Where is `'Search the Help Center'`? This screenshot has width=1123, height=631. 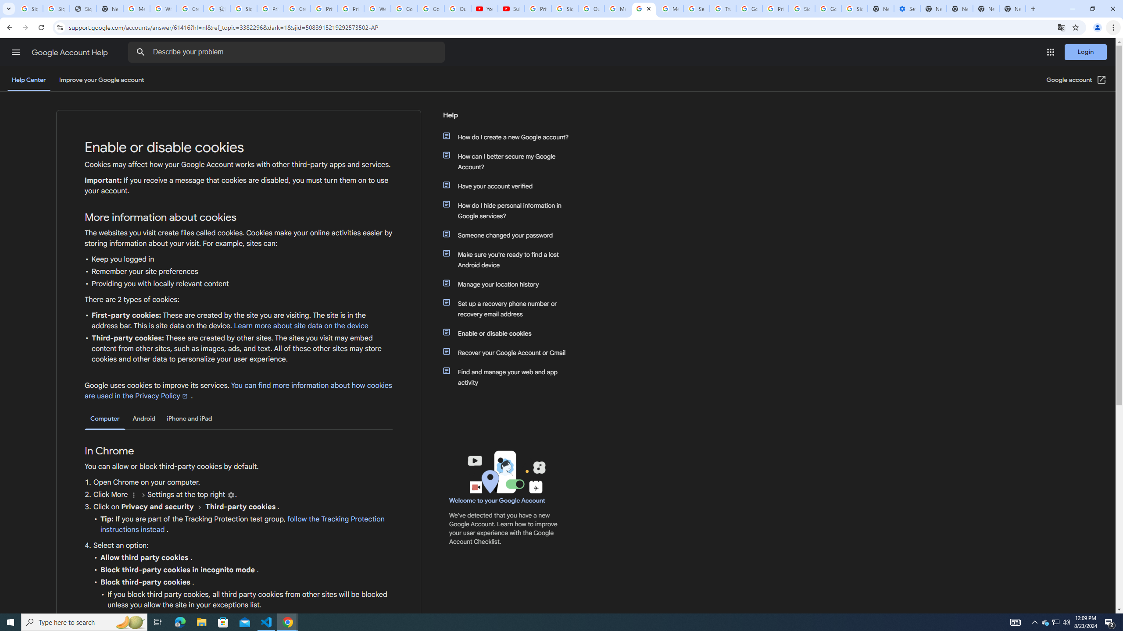
'Search the Help Center' is located at coordinates (140, 52).